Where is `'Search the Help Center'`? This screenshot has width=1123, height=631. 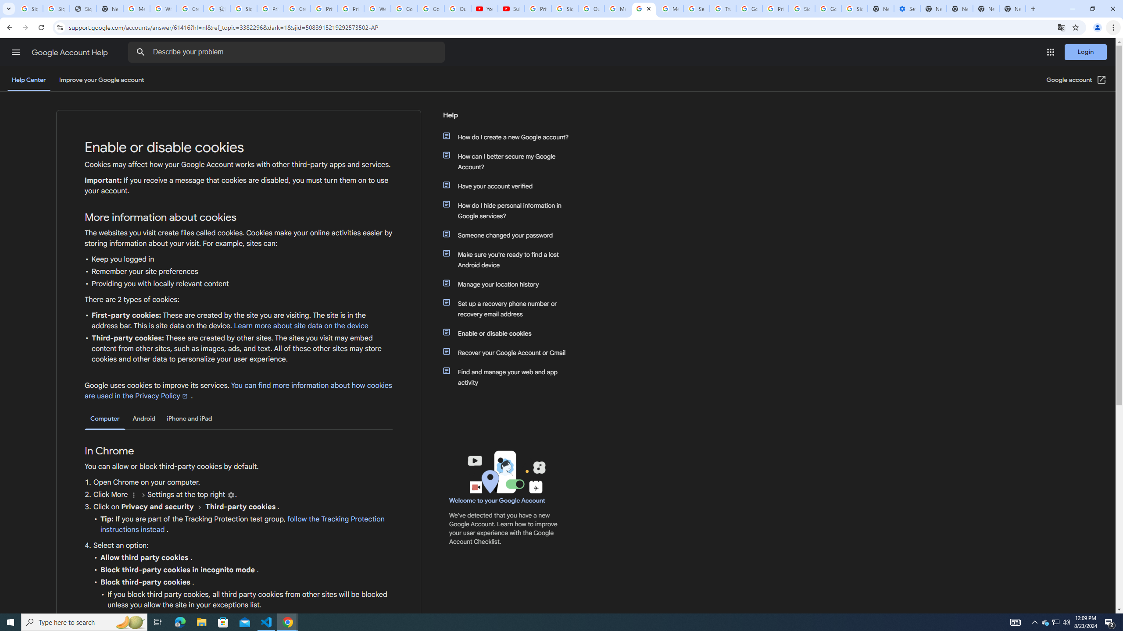
'Search the Help Center' is located at coordinates (140, 52).